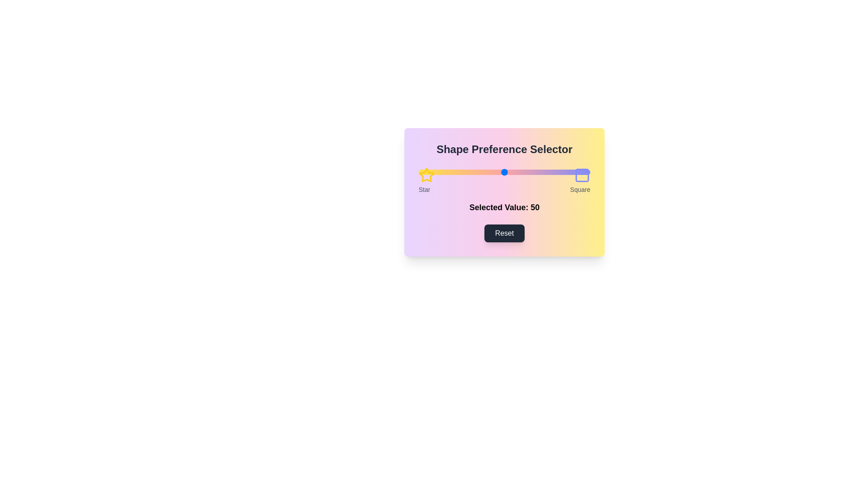 The image size is (858, 482). I want to click on the slider to set the preference value to 0, so click(418, 172).